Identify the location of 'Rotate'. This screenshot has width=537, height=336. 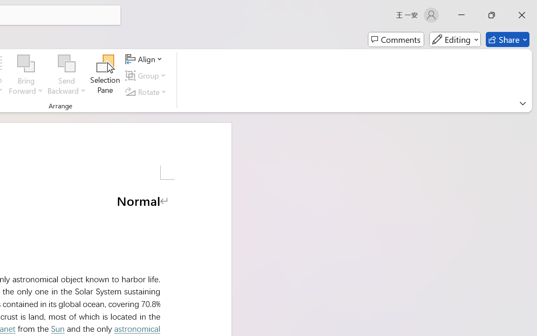
(147, 92).